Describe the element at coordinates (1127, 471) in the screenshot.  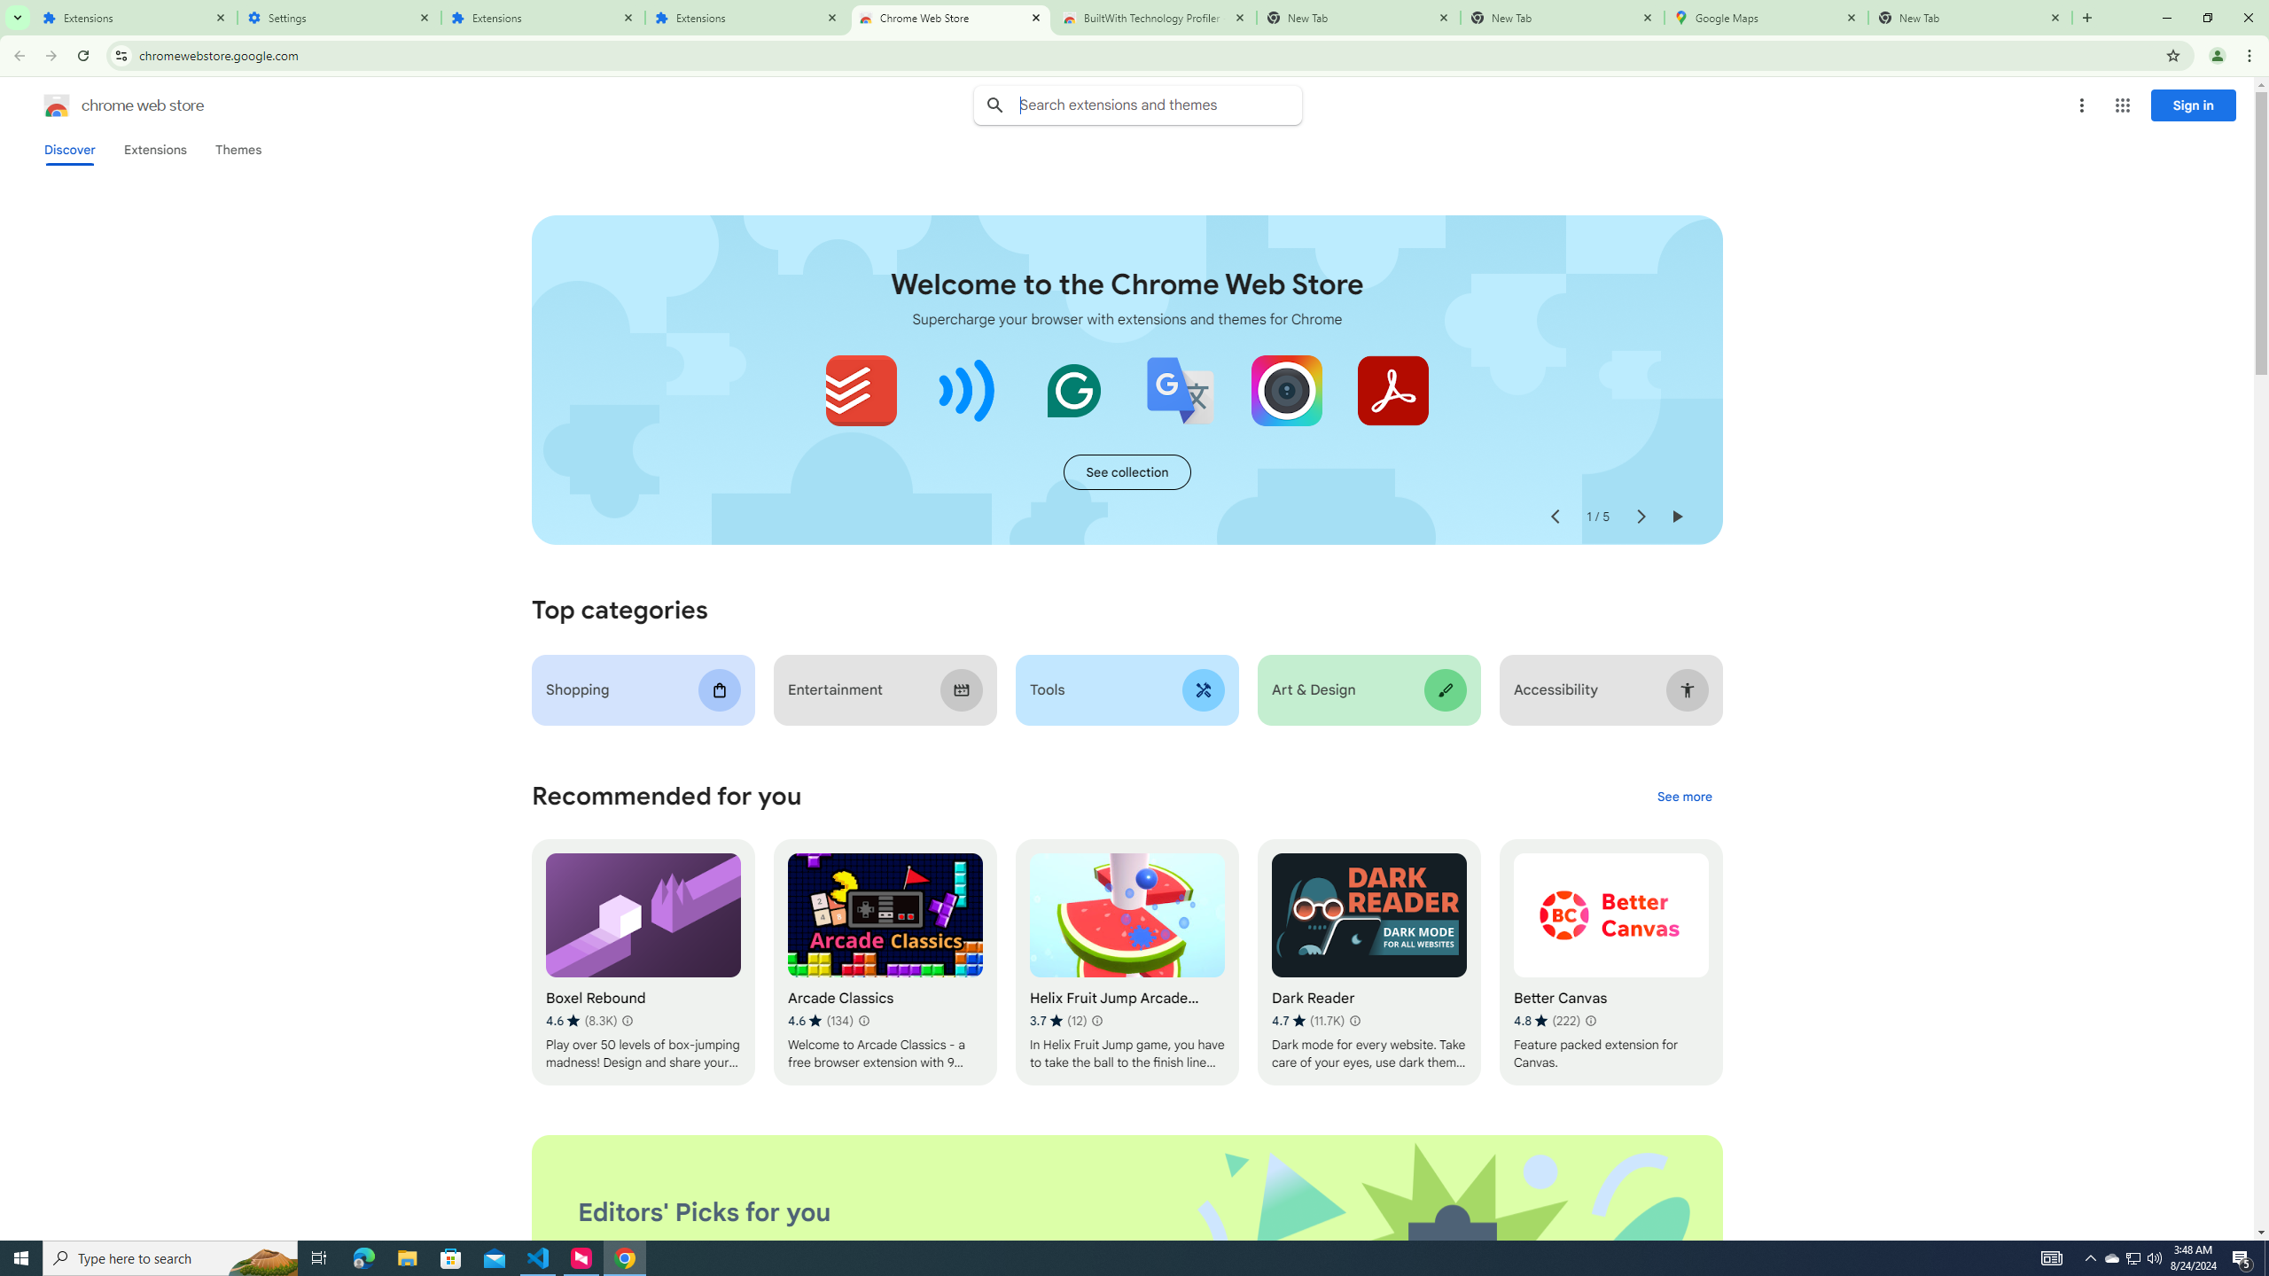
I see `'See more of the "Extensions starter kit" collection'` at that location.